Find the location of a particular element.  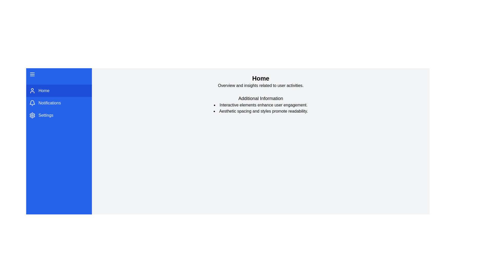

the Settings section from the sidebar menu is located at coordinates (59, 115).